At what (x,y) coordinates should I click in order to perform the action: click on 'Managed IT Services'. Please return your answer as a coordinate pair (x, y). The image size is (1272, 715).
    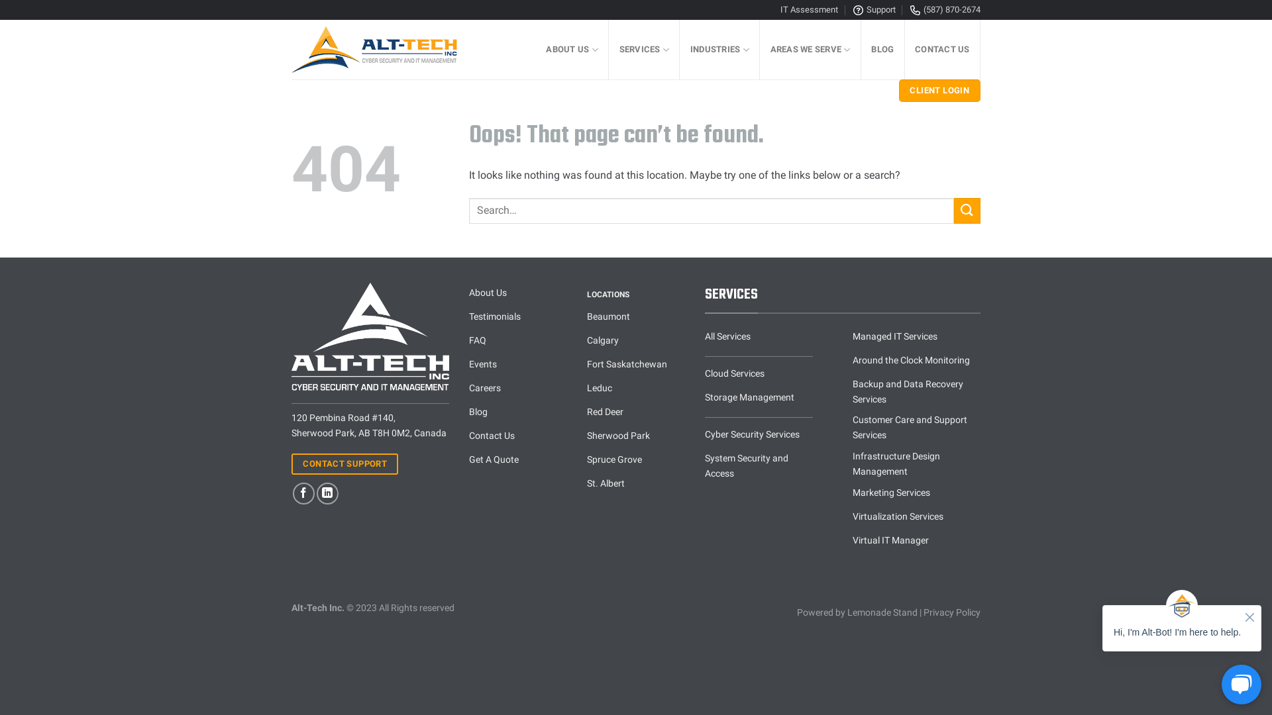
    Looking at the image, I should click on (916, 336).